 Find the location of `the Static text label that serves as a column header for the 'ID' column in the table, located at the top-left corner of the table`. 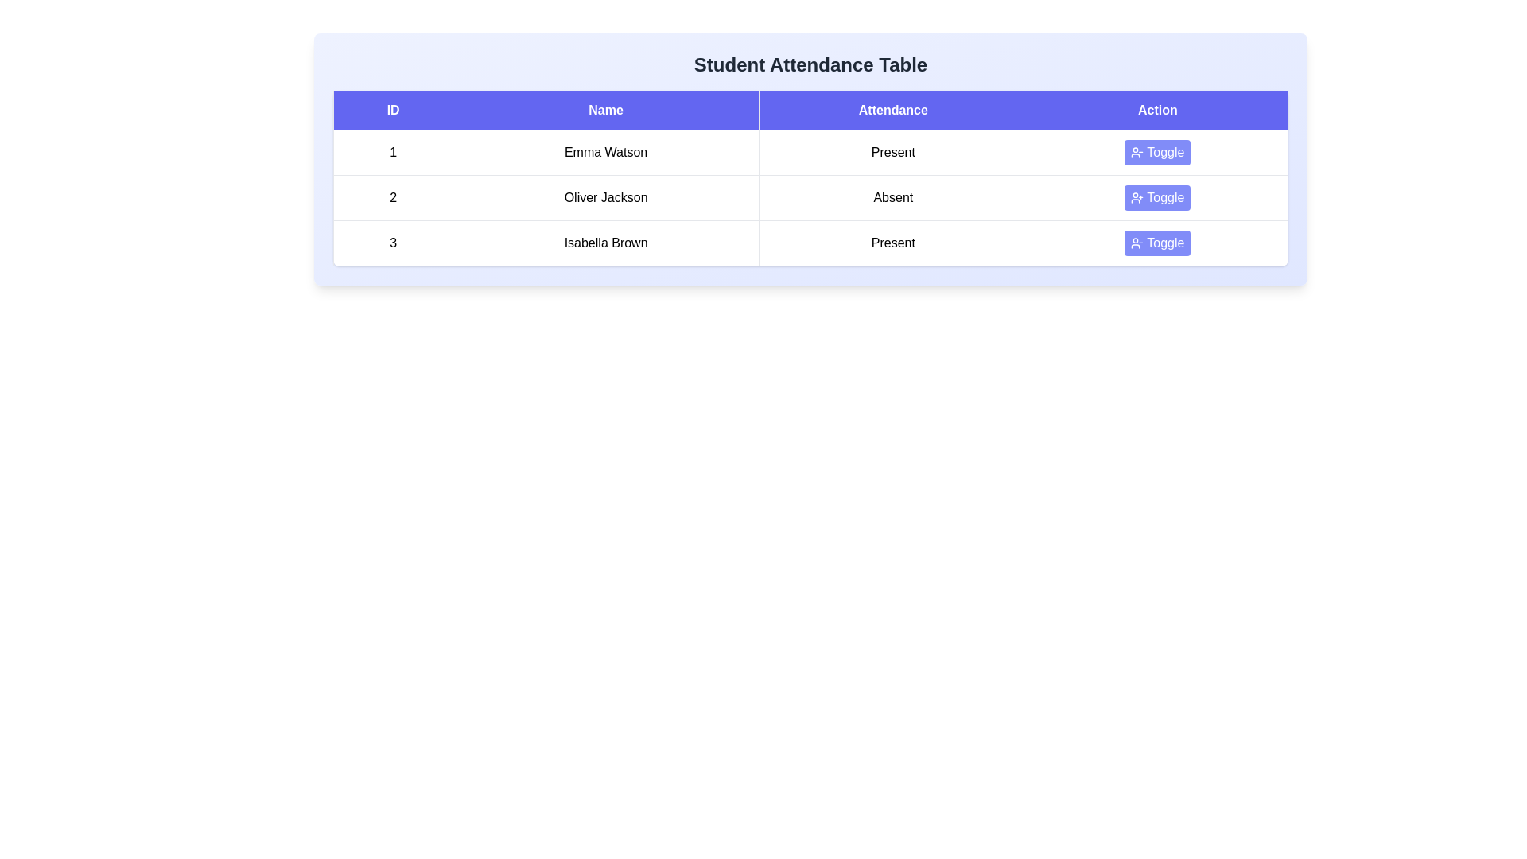

the Static text label that serves as a column header for the 'ID' column in the table, located at the top-left corner of the table is located at coordinates (393, 109).